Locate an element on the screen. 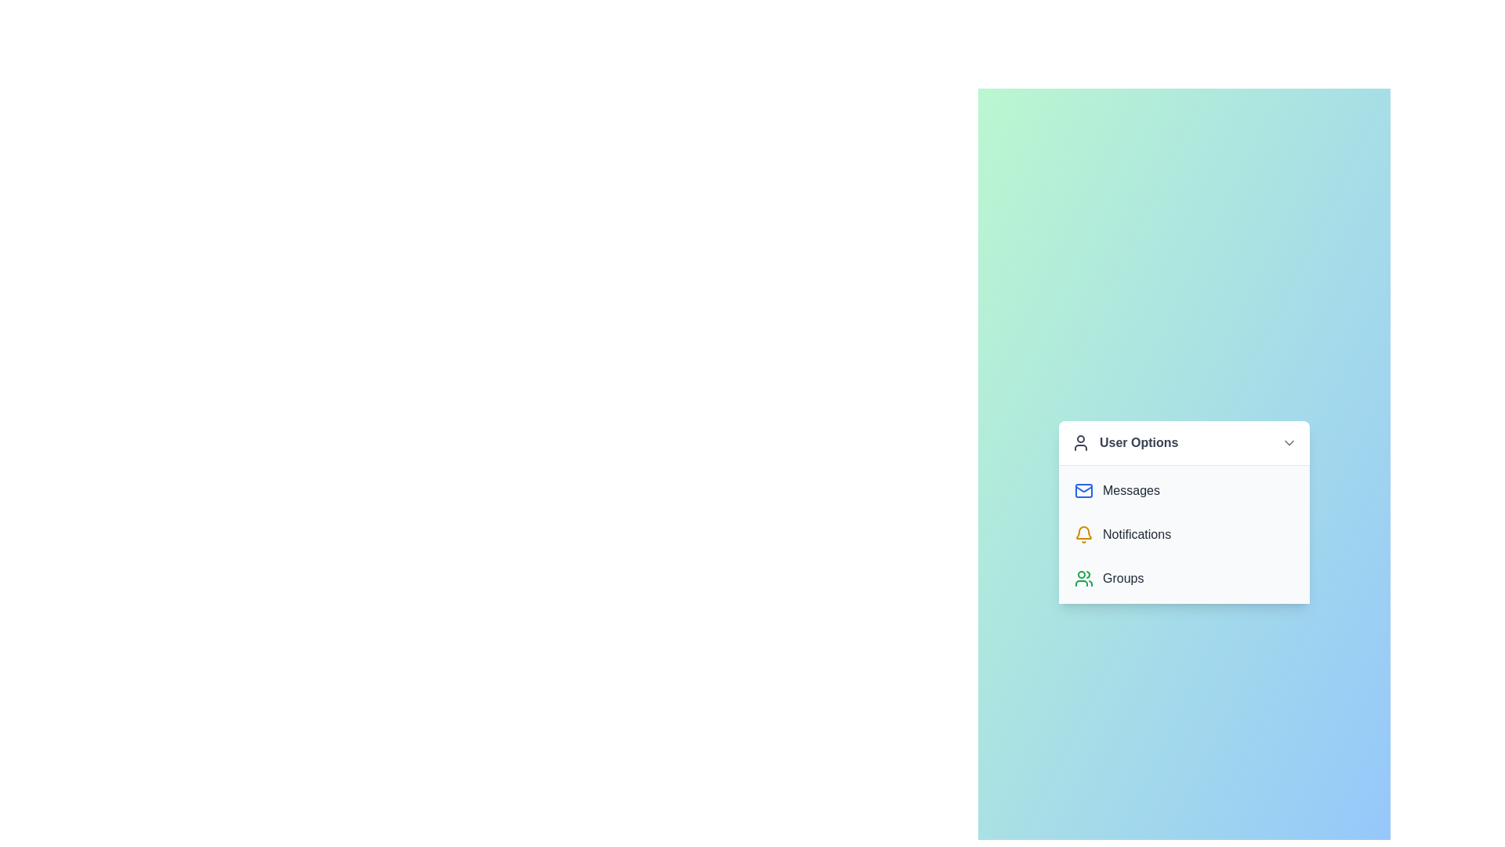 The height and width of the screenshot is (847, 1505). the user icon, which is a line art graphic in dark gray, positioned left of the 'User Options' text is located at coordinates (1079, 442).